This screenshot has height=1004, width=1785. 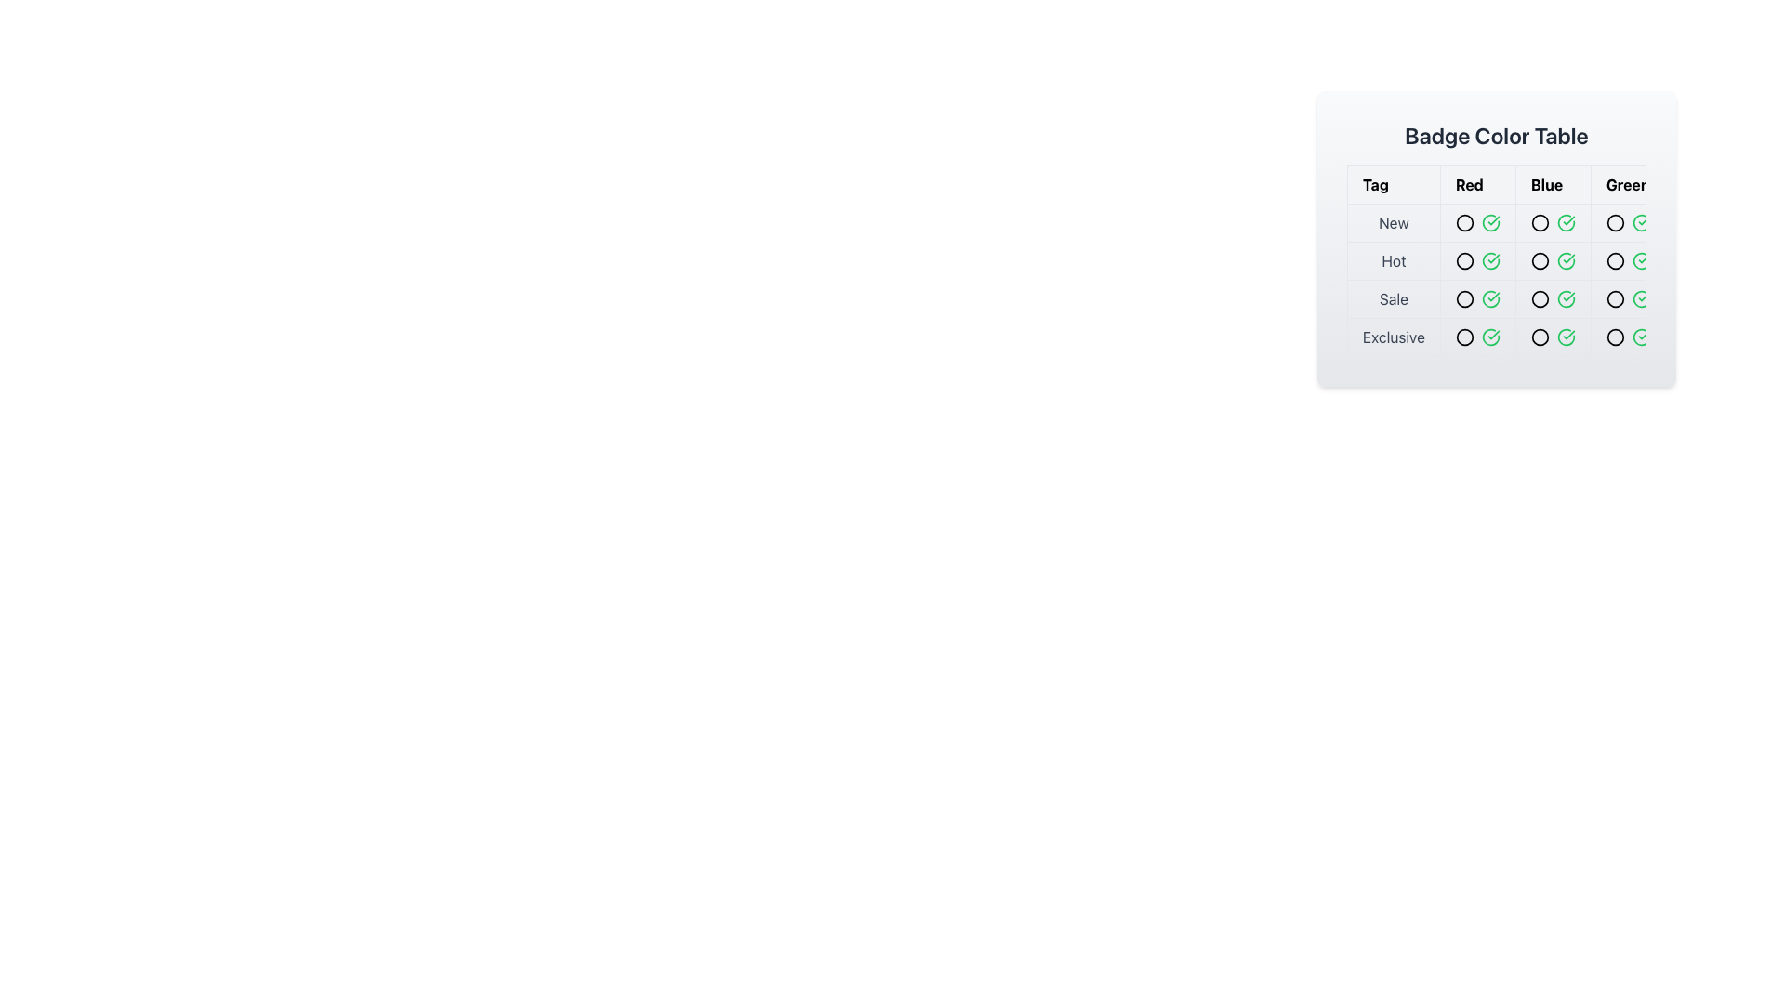 What do you see at coordinates (1476, 221) in the screenshot?
I see `the graphical icon indicating the status for the 'New' row in the 'Red' column of the 'Badge Color Table'` at bounding box center [1476, 221].